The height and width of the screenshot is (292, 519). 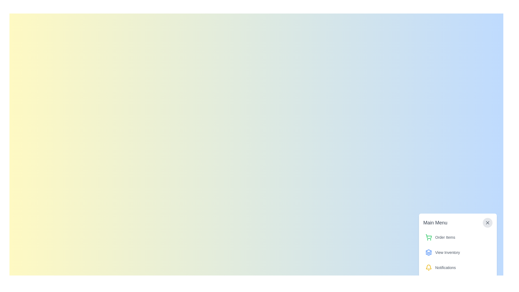 What do you see at coordinates (445, 237) in the screenshot?
I see `text of the 'Order Items' label, which is a smaller, medium-weight font in muted gray color, located to the right of the green shopping cart icon in the 'Main Menu' pop-up` at bounding box center [445, 237].